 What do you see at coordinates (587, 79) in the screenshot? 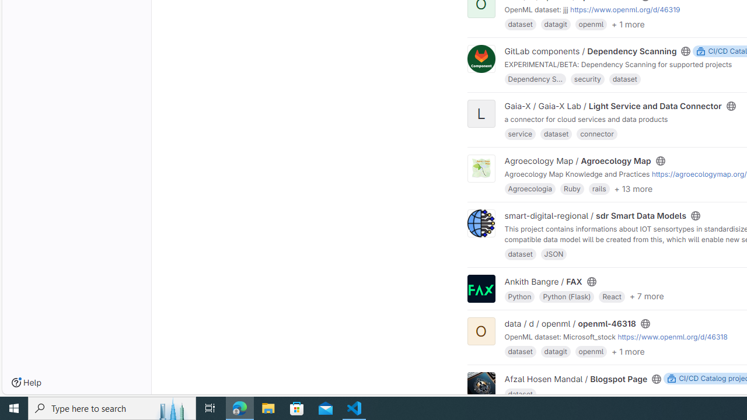
I see `'security'` at bounding box center [587, 79].